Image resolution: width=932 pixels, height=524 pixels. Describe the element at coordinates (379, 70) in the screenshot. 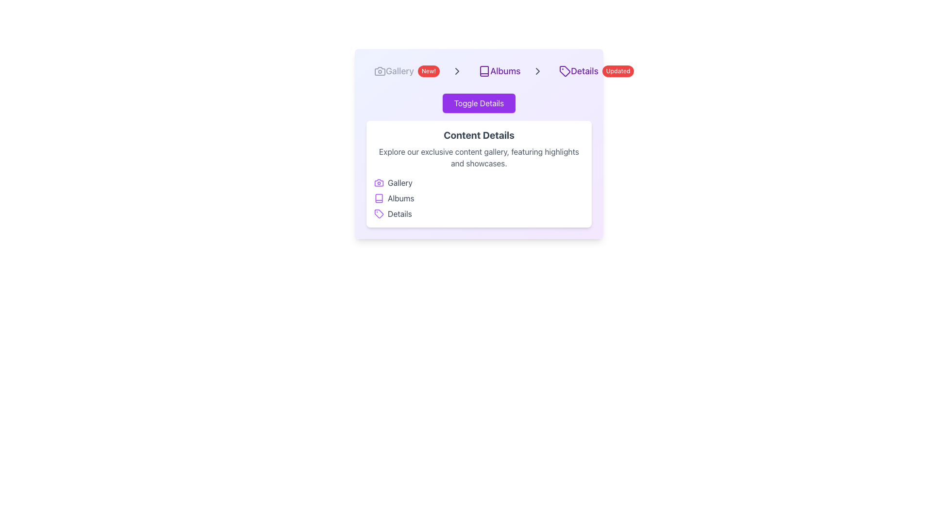

I see `the camera icon representing the 'Gallery' feature, positioned near the top left of the interface, preceding the circular lens element` at that location.